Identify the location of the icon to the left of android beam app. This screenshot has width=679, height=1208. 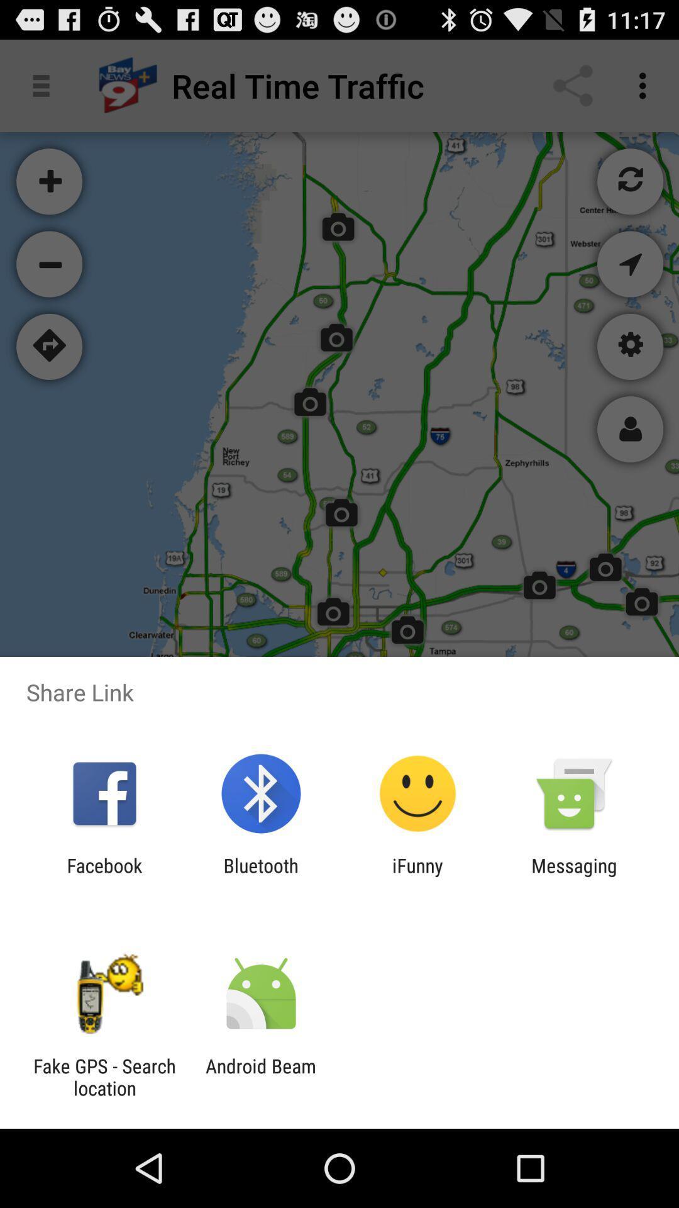
(104, 1077).